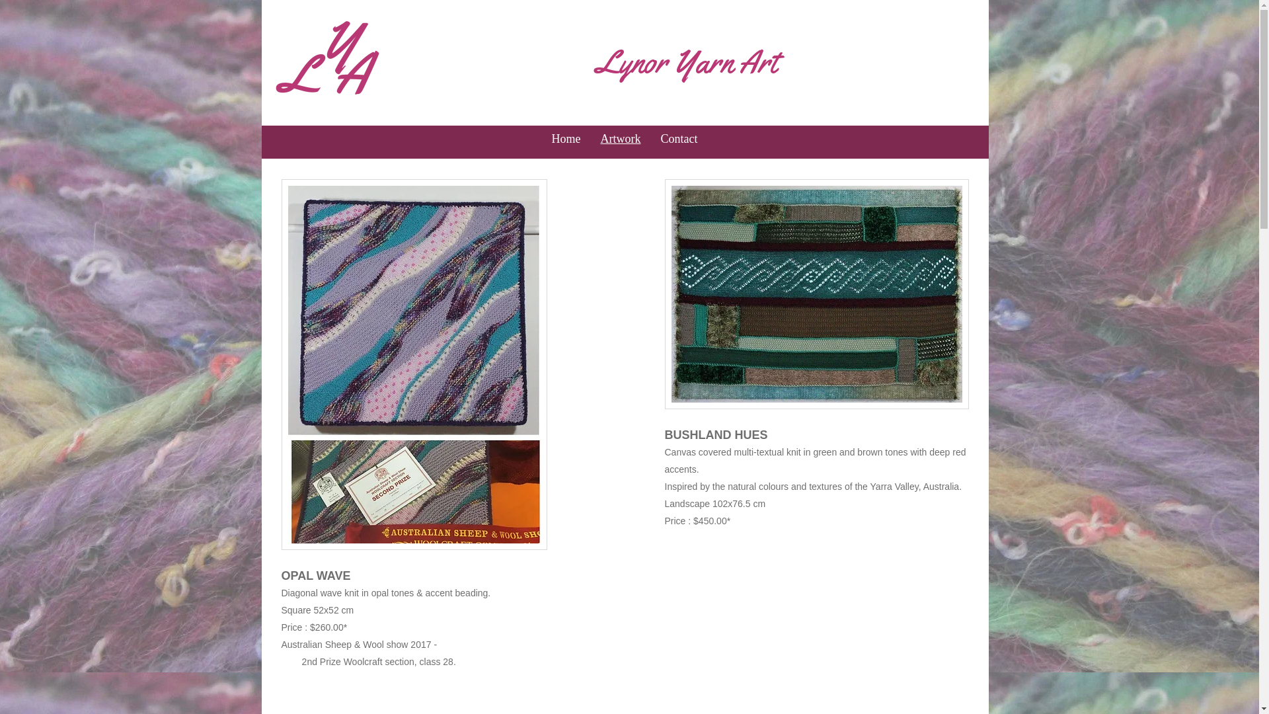 Image resolution: width=1269 pixels, height=714 pixels. I want to click on 'Home', so click(542, 138).